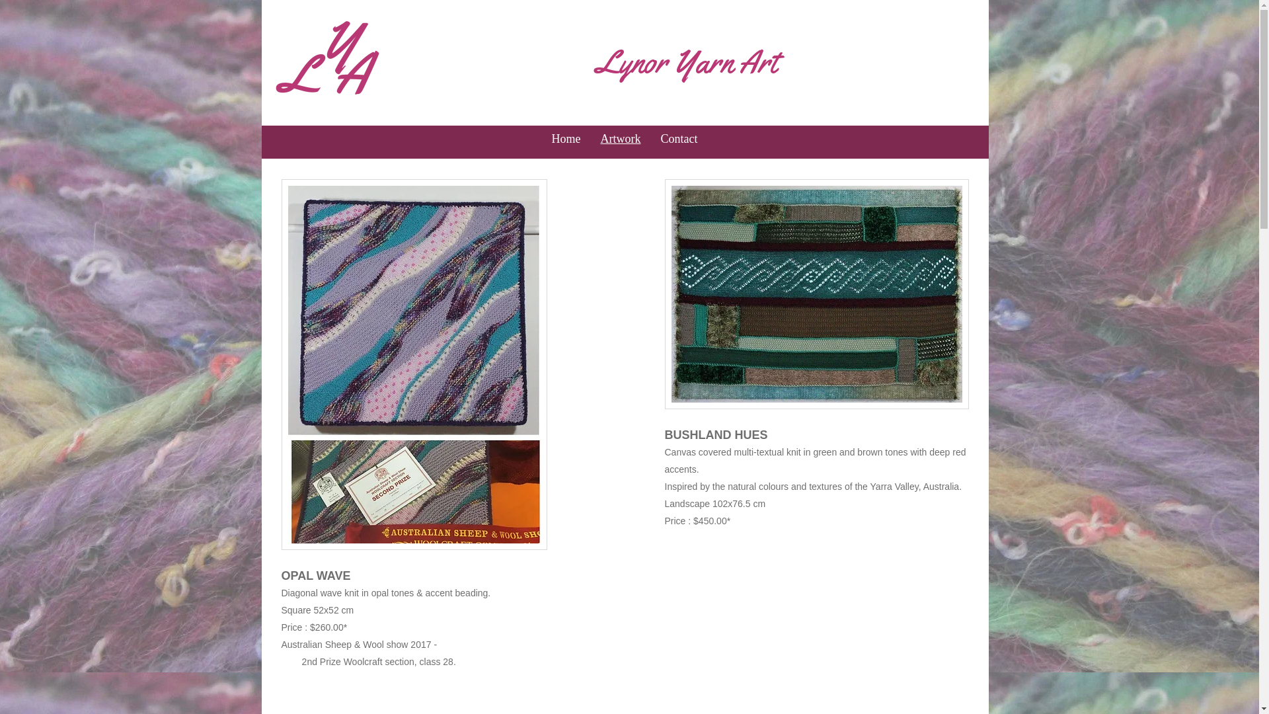 Image resolution: width=1269 pixels, height=714 pixels. I want to click on 'Home', so click(542, 138).